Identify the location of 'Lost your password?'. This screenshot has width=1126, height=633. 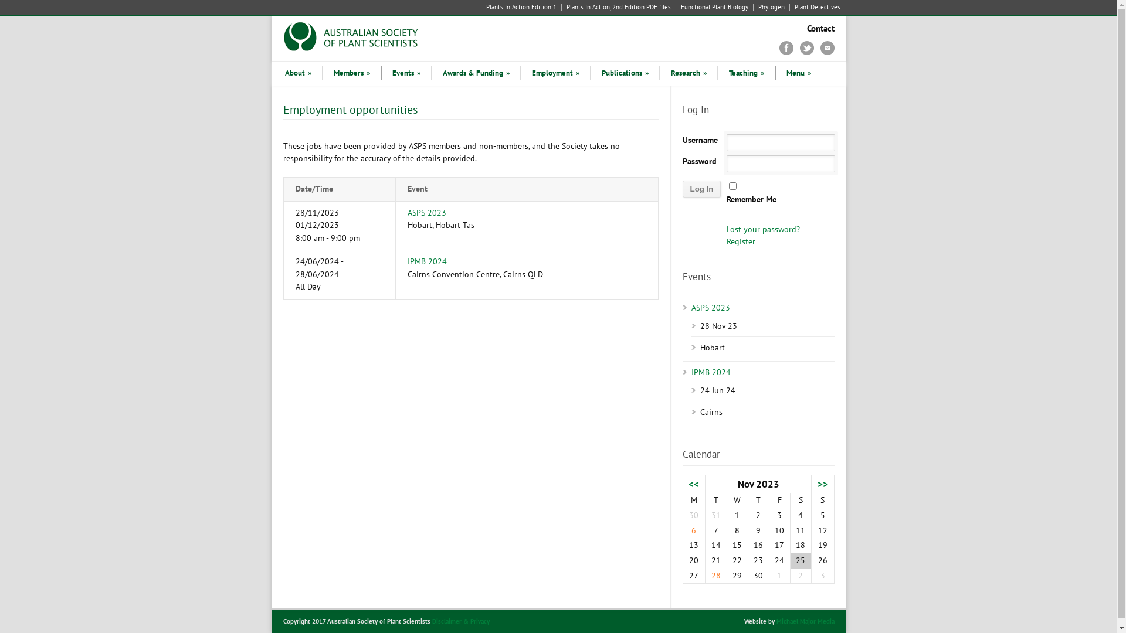
(763, 229).